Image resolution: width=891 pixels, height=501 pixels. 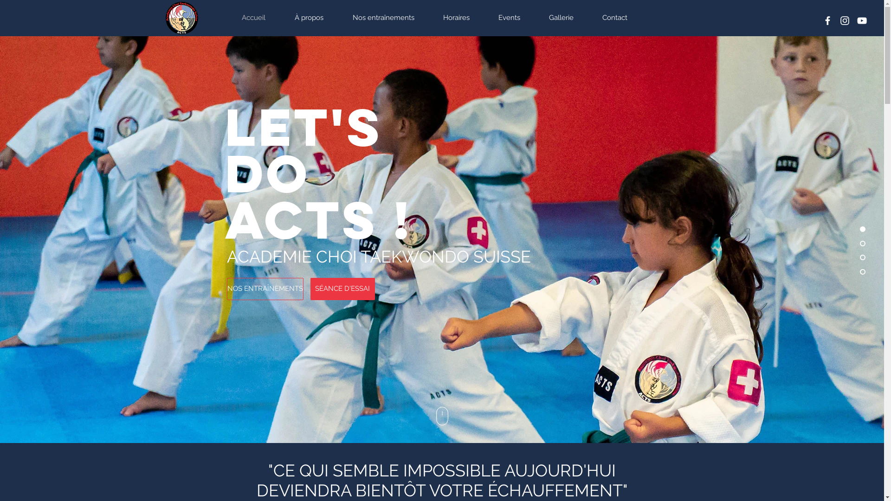 What do you see at coordinates (234, 18) in the screenshot?
I see `'Accueil'` at bounding box center [234, 18].